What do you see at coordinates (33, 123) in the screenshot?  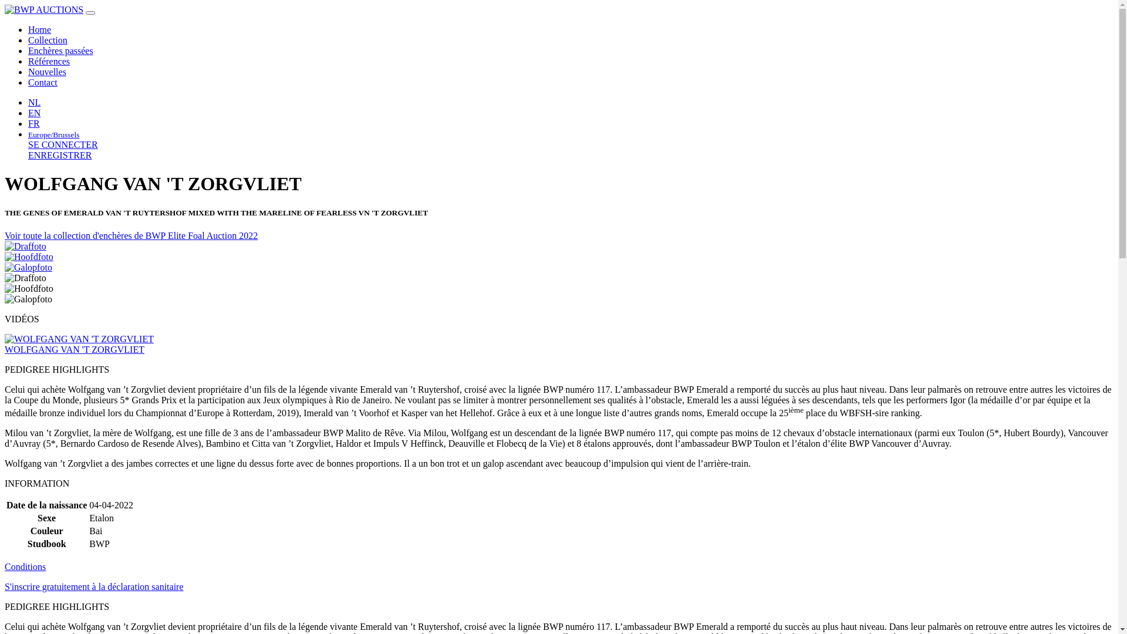 I see `'FR'` at bounding box center [33, 123].